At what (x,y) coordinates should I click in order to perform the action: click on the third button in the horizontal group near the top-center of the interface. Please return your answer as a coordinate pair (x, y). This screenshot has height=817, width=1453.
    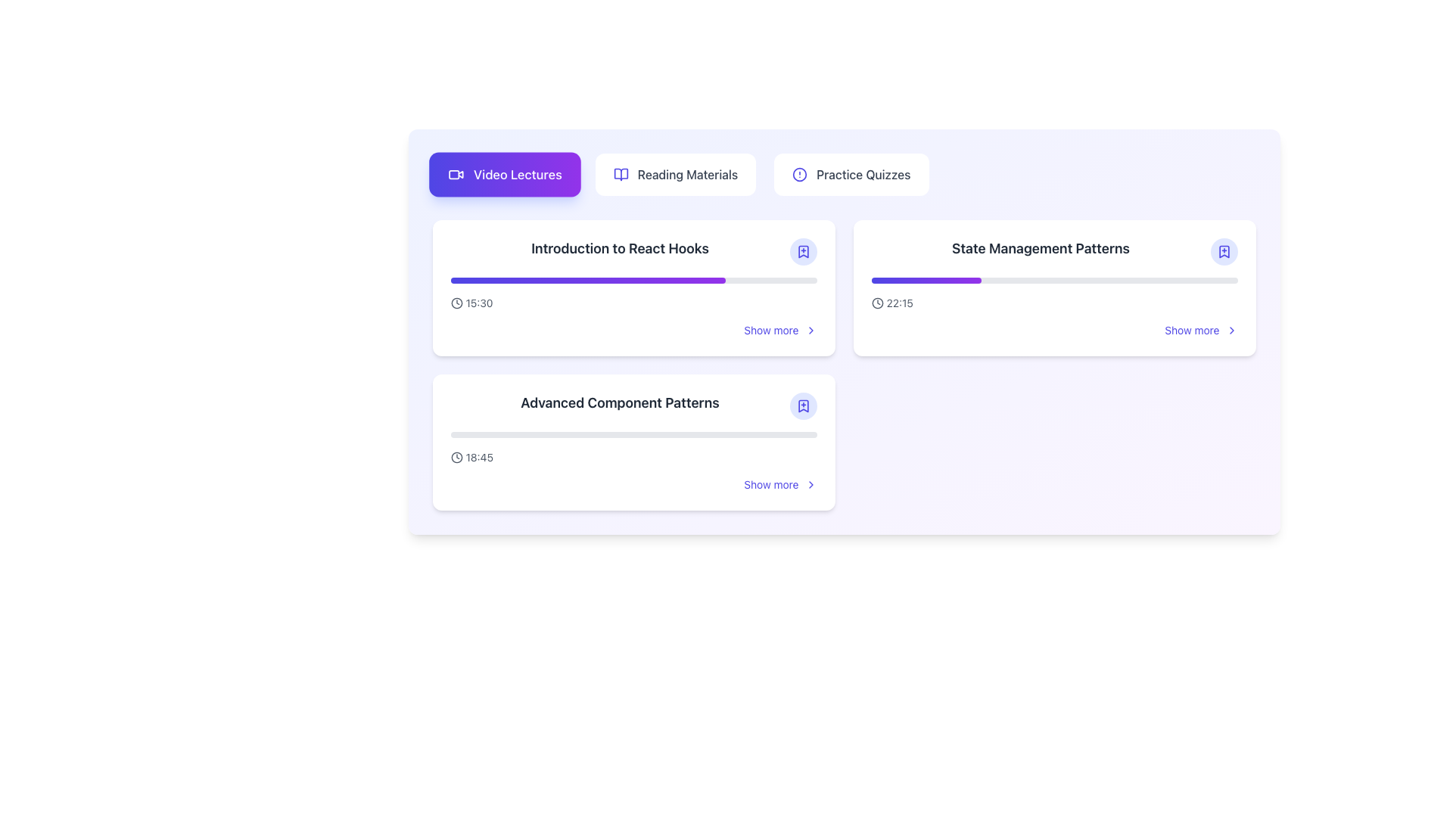
    Looking at the image, I should click on (851, 174).